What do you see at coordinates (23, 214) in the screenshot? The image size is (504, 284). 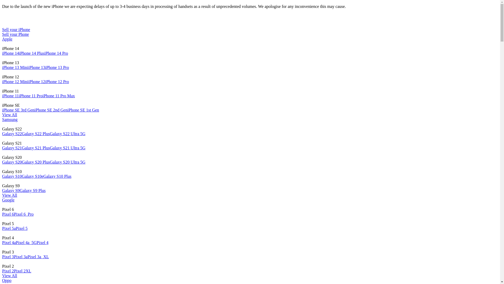 I see `'Pixel 6  Pro'` at bounding box center [23, 214].